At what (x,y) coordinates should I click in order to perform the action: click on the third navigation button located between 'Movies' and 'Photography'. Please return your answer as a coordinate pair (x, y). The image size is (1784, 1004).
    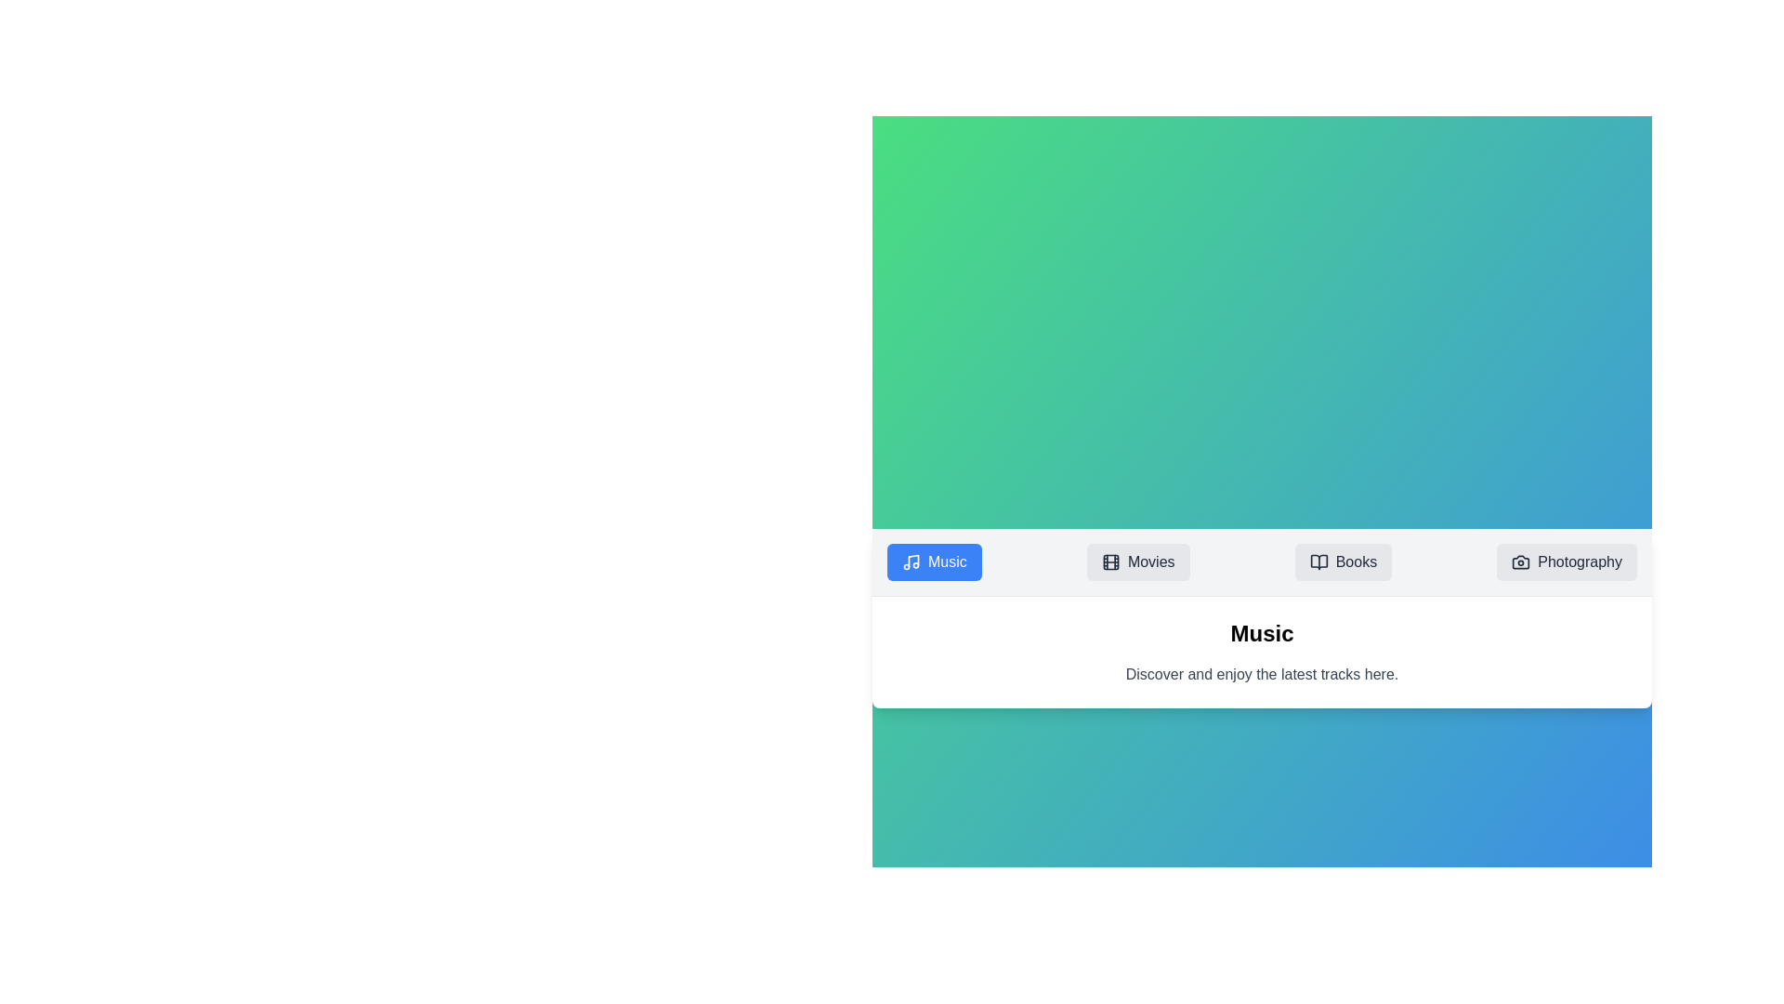
    Looking at the image, I should click on (1343, 561).